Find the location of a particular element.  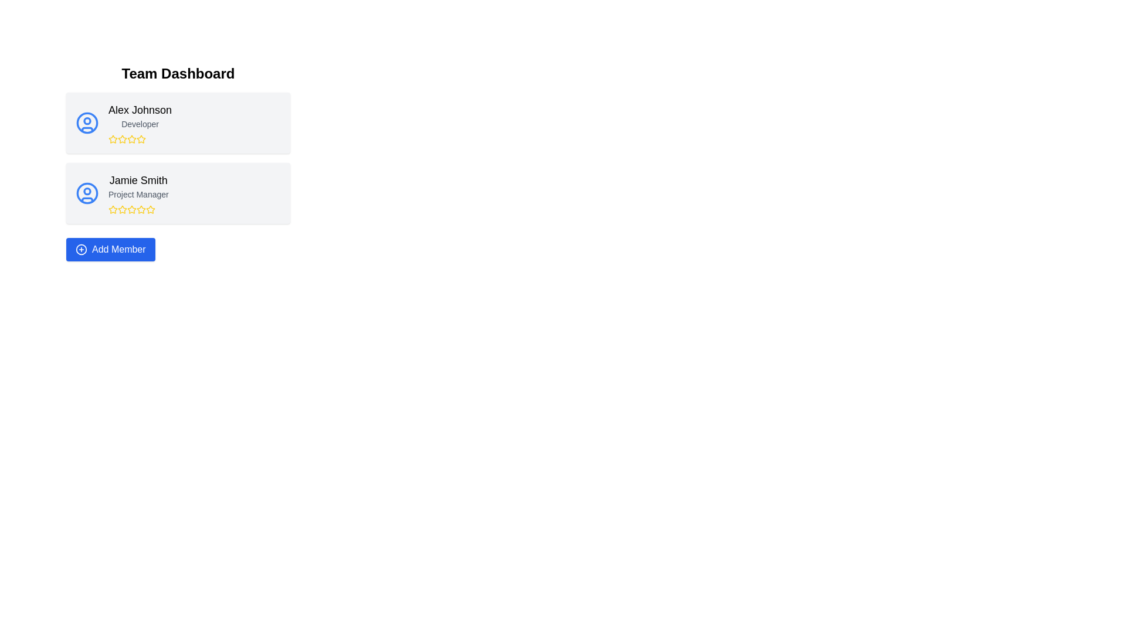

the text display showing user information, located in the first card of the vertical list is located at coordinates (140, 122).